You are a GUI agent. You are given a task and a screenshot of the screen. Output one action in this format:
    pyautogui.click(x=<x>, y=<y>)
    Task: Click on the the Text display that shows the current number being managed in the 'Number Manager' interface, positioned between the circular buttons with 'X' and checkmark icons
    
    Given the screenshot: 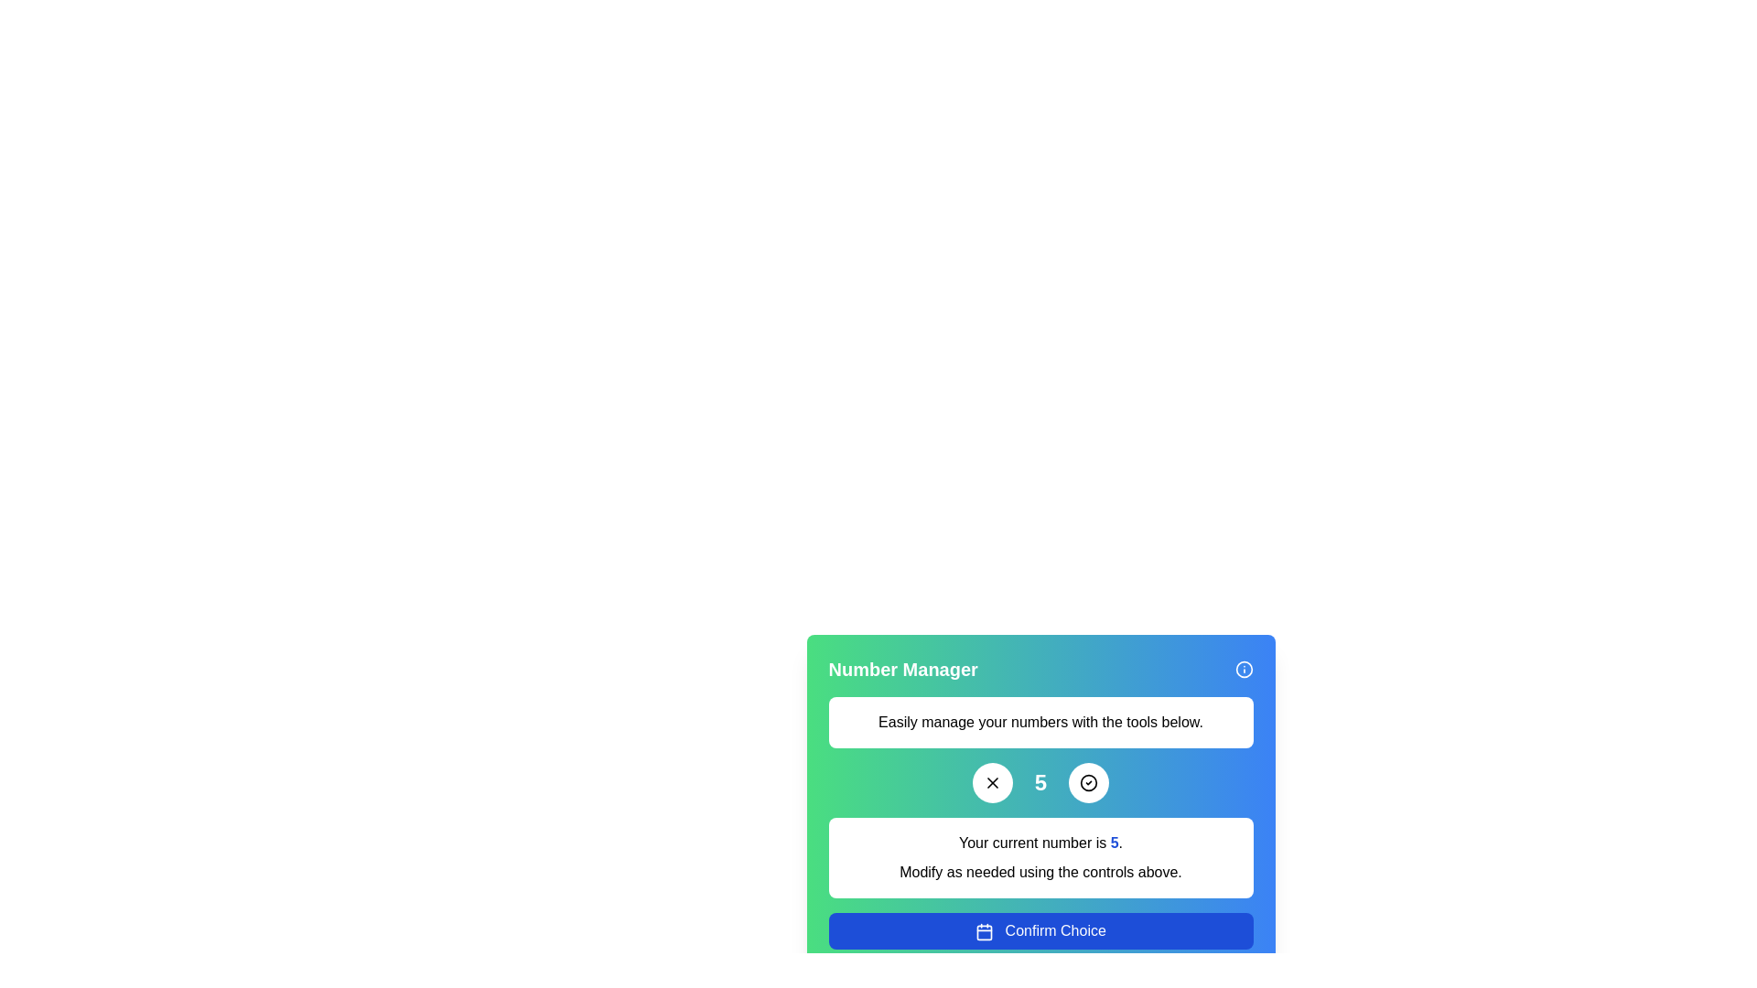 What is the action you would take?
    pyautogui.click(x=1040, y=782)
    